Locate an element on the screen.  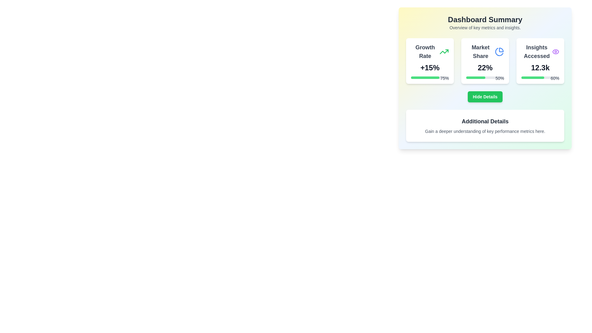
displayed text 'Growth Rate' from the Label with an upward trending green arrow icon located at the top-left corner of the main dashboard section is located at coordinates (430, 51).